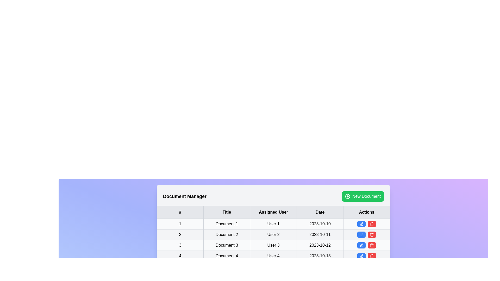  What do you see at coordinates (372, 235) in the screenshot?
I see `the trash can icon button in the 'Actions' column corresponding to 'Document 2'` at bounding box center [372, 235].